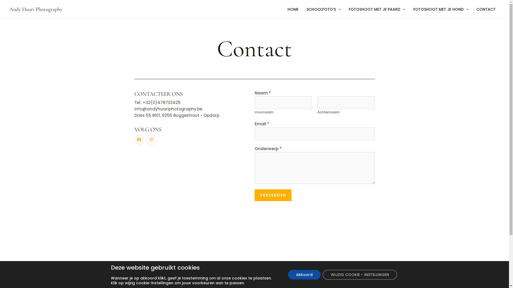 This screenshot has height=288, width=513. Describe the element at coordinates (304, 274) in the screenshot. I see `'Akkoord'` at that location.